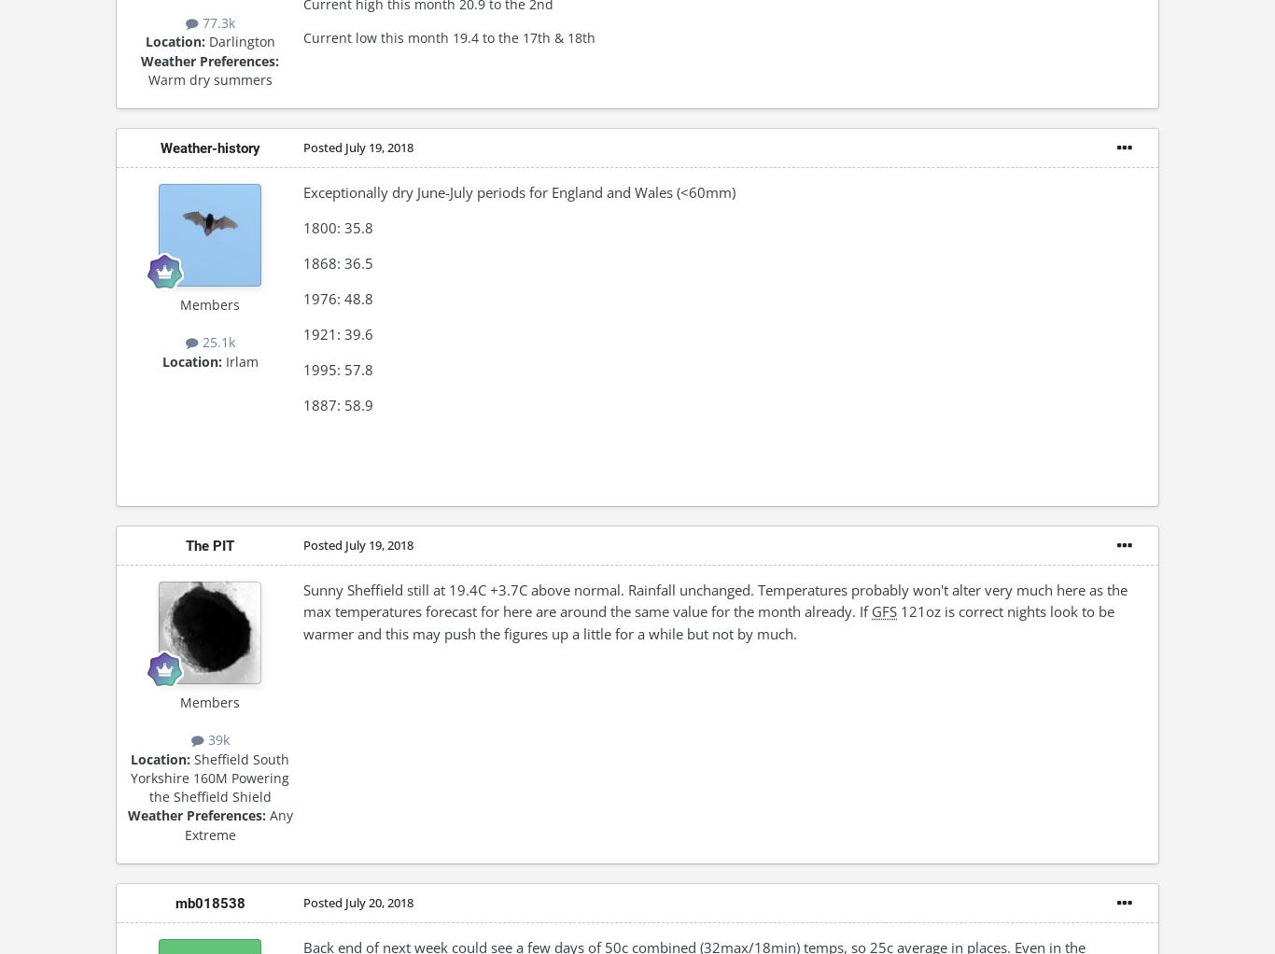 The height and width of the screenshot is (954, 1275). What do you see at coordinates (884, 610) in the screenshot?
I see `'GFS'` at bounding box center [884, 610].